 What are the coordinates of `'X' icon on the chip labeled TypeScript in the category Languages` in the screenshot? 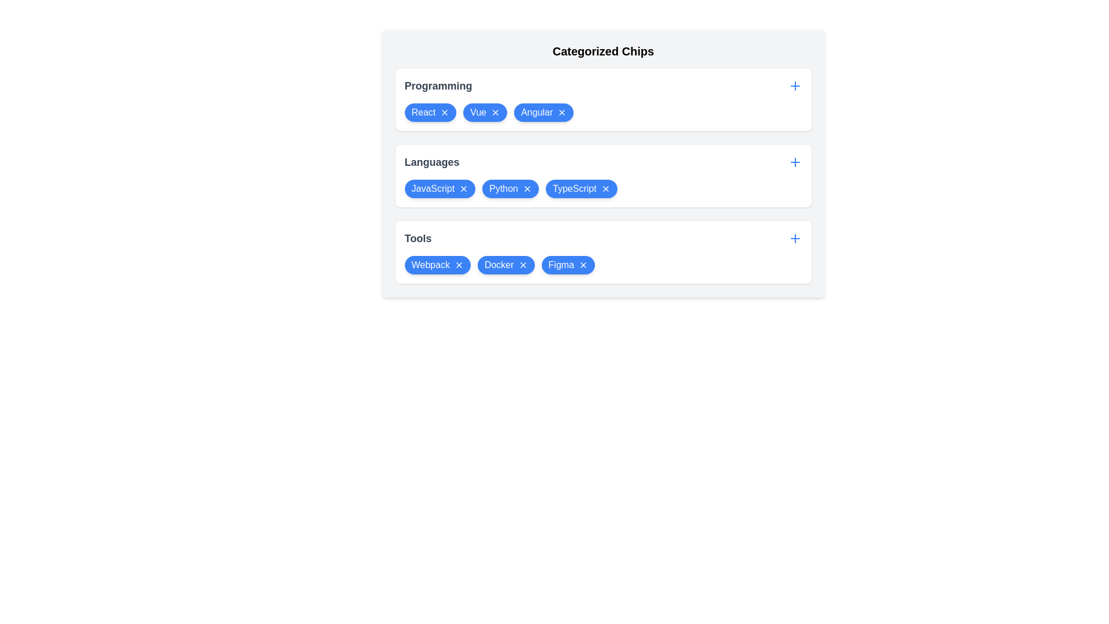 It's located at (605, 188).